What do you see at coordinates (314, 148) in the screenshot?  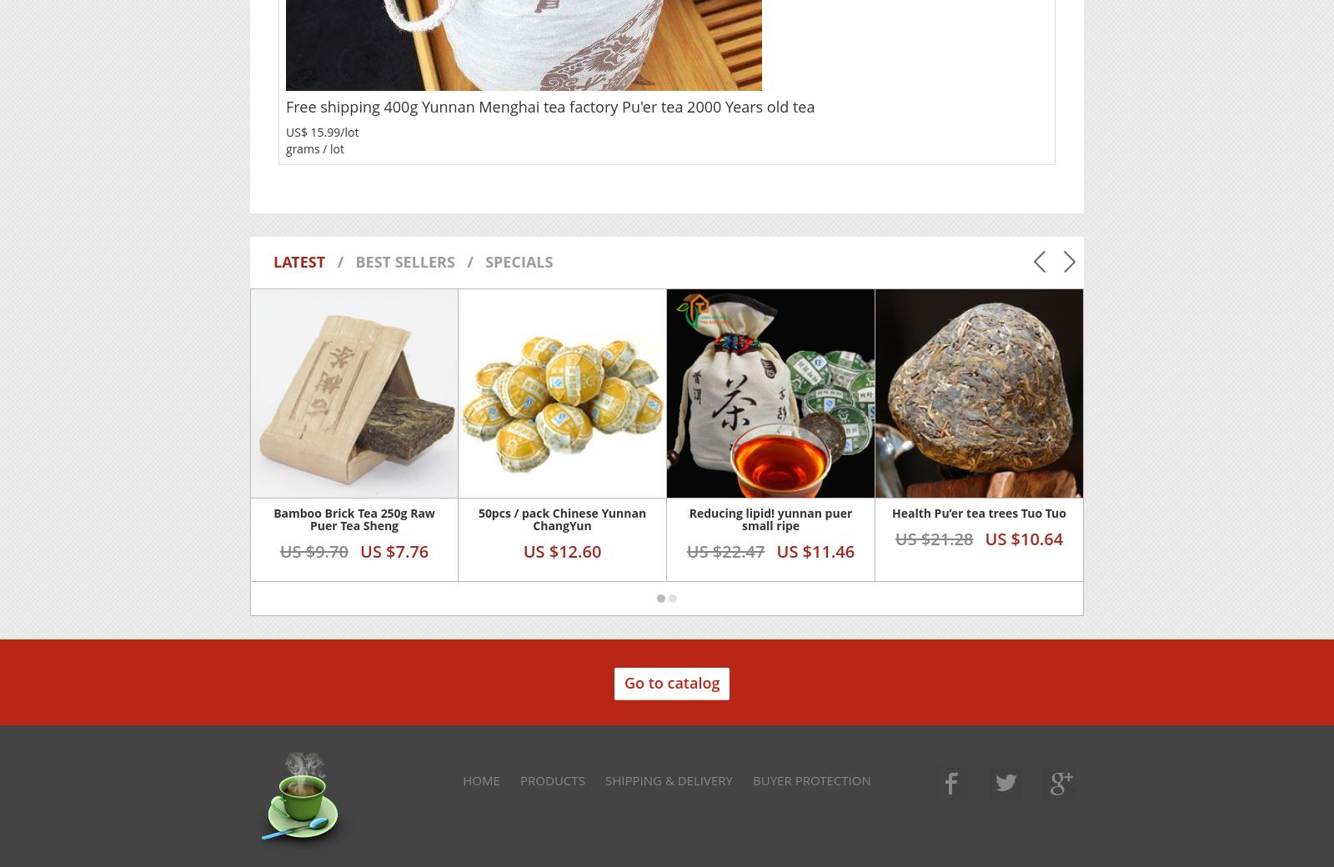 I see `'grams / lot'` at bounding box center [314, 148].